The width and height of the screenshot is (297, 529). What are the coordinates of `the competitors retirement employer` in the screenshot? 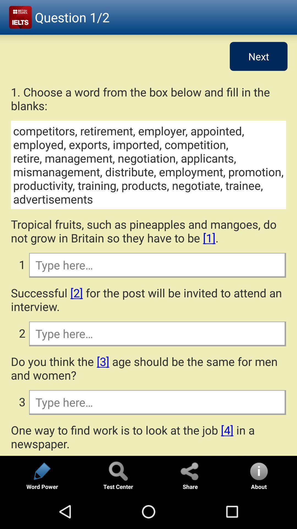 It's located at (148, 164).